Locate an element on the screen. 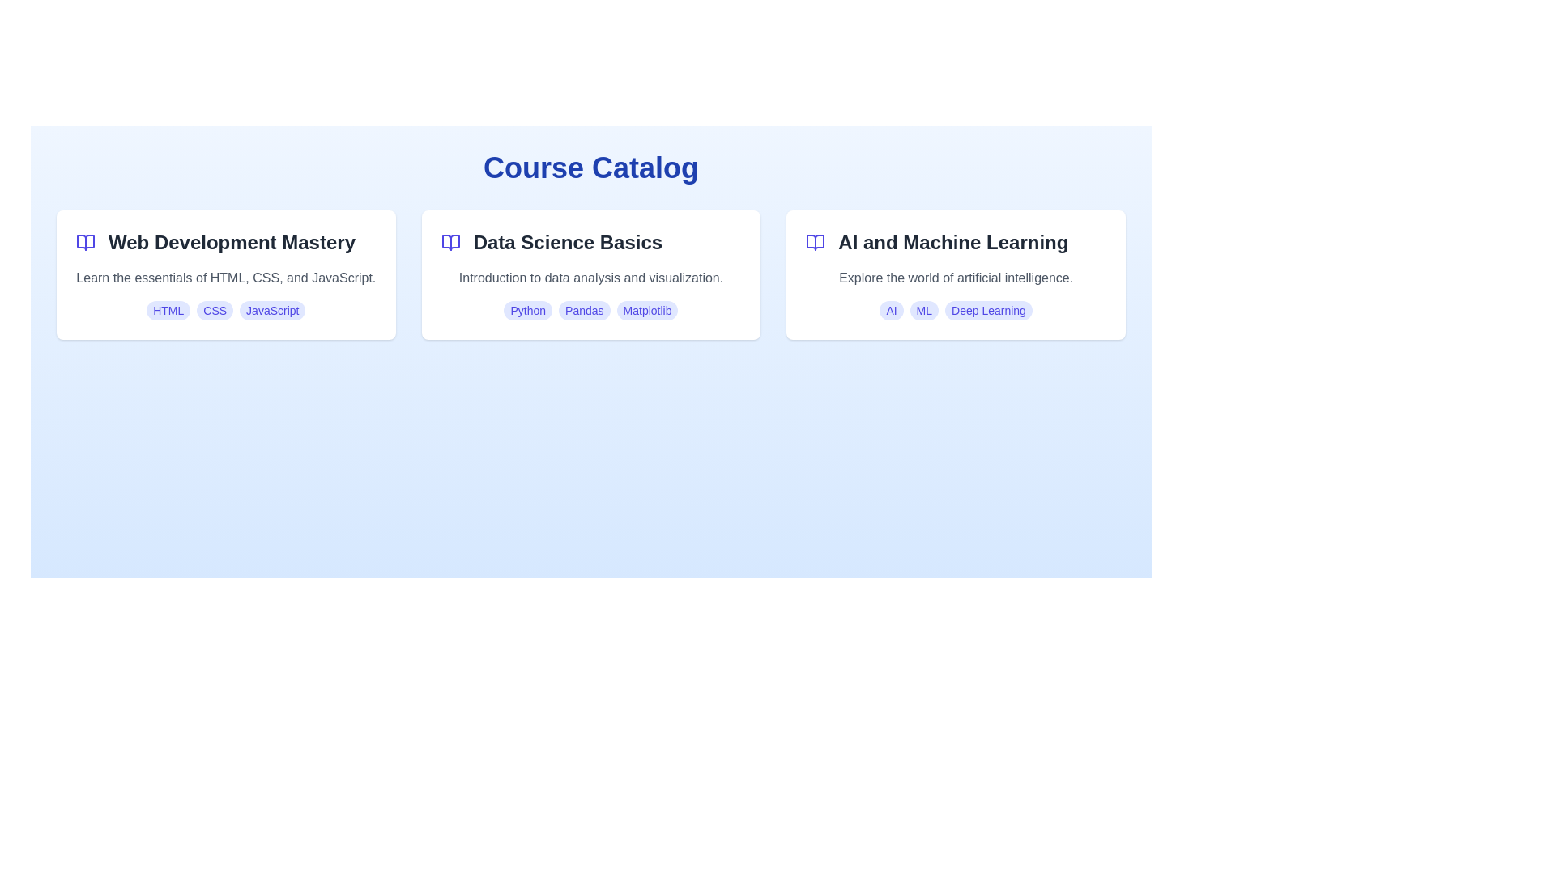  the blue line art book icon located next to the title 'Data Science Basics' in the middle card of the 'Course Catalog' section is located at coordinates (450, 243).